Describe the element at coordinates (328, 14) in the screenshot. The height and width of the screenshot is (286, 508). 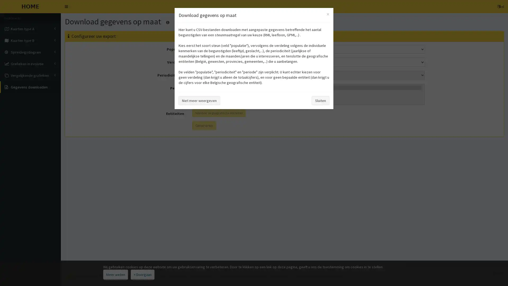
I see `Close` at that location.